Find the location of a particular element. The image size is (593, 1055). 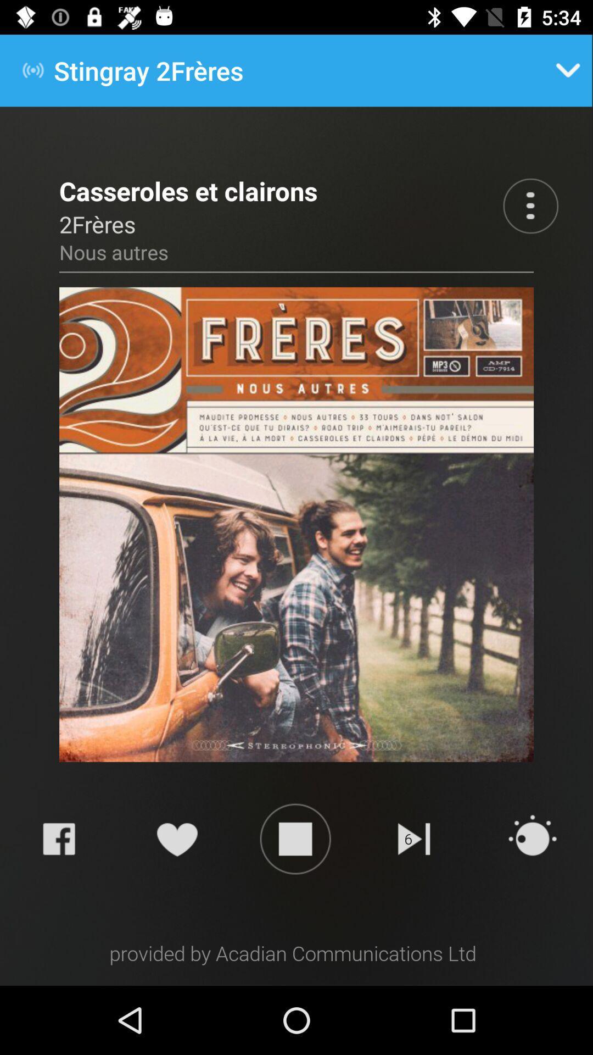

the skip_next icon is located at coordinates (414, 838).